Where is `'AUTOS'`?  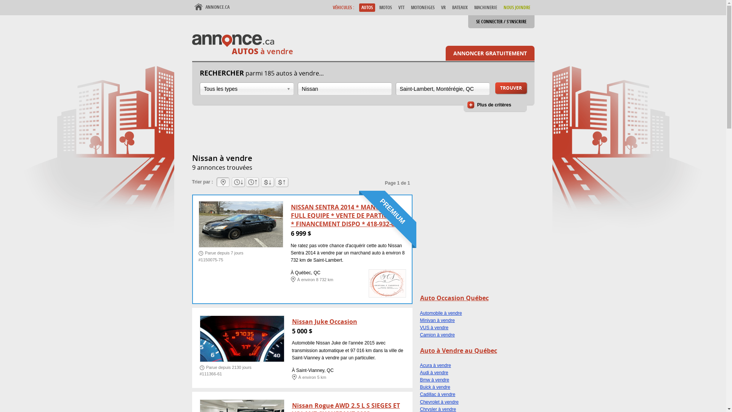
'AUTOS' is located at coordinates (367, 7).